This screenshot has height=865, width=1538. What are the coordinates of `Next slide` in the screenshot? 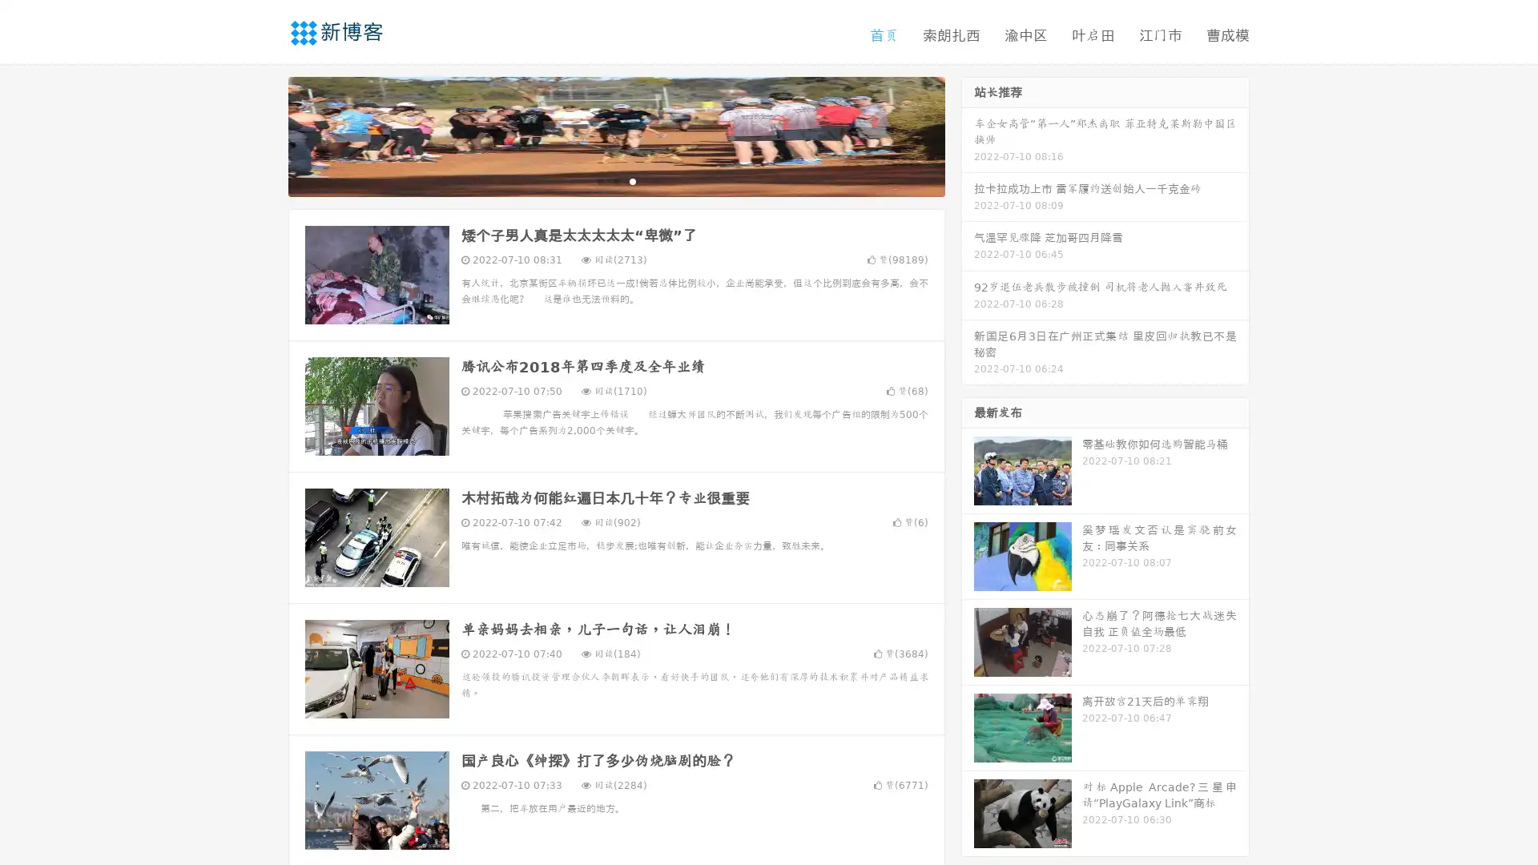 It's located at (968, 135).